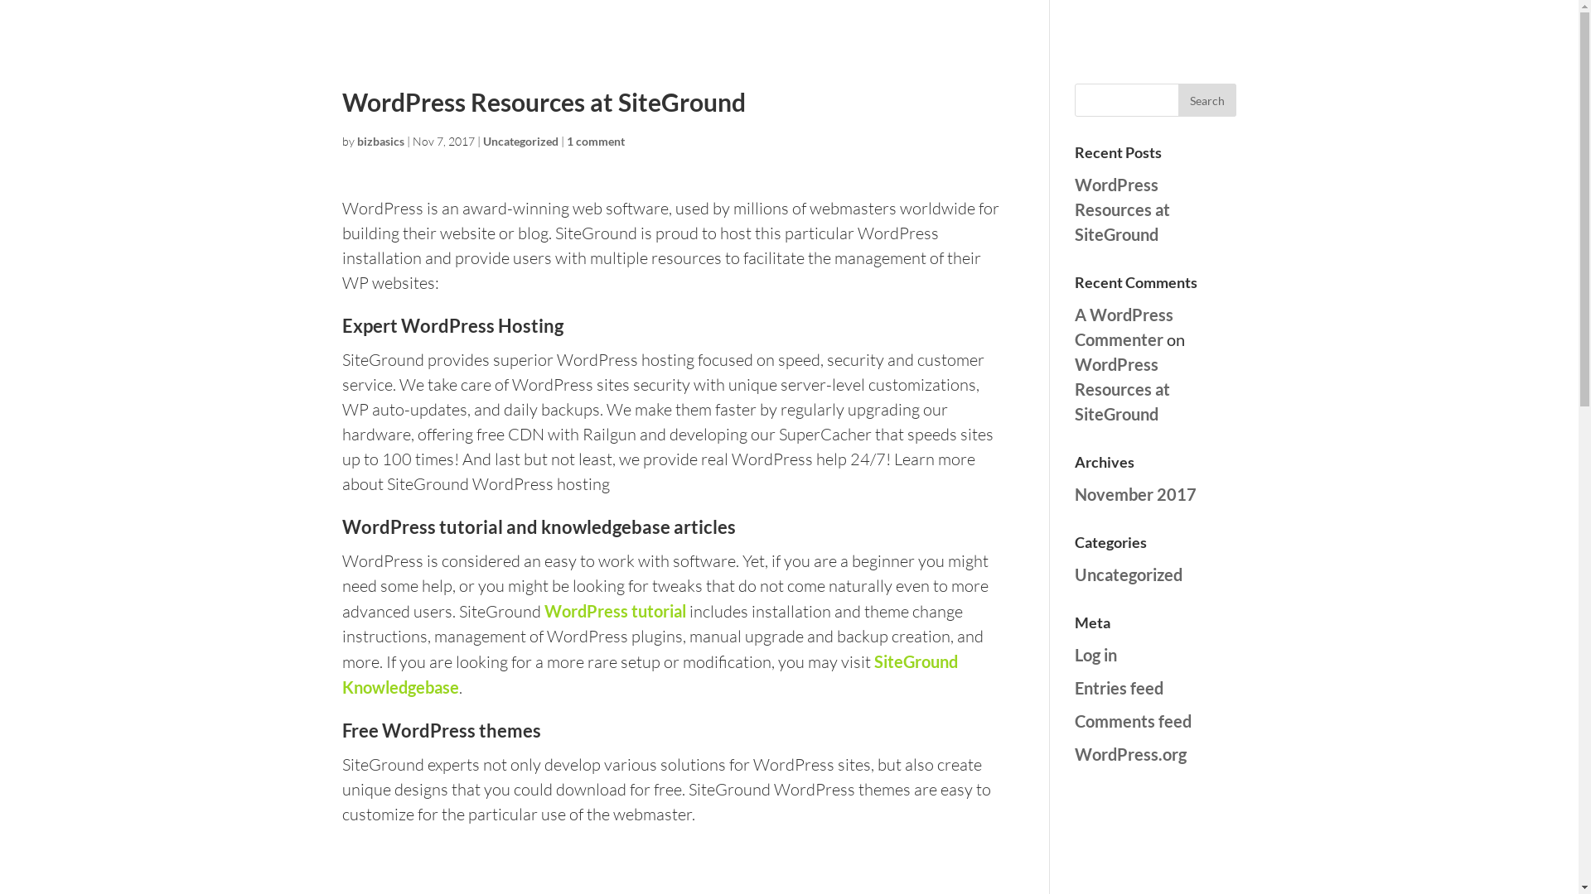 Image resolution: width=1591 pixels, height=894 pixels. What do you see at coordinates (1074, 326) in the screenshot?
I see `'A WordPress Commenter'` at bounding box center [1074, 326].